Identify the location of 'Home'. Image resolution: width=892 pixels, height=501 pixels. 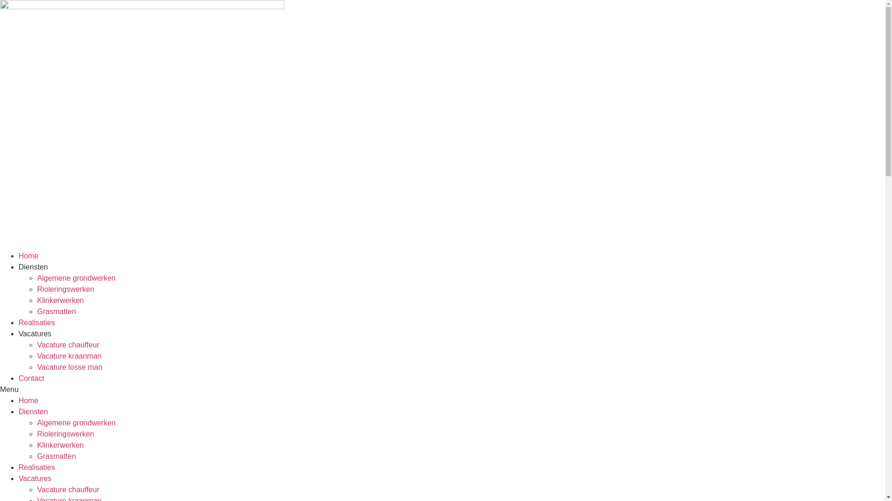
(28, 400).